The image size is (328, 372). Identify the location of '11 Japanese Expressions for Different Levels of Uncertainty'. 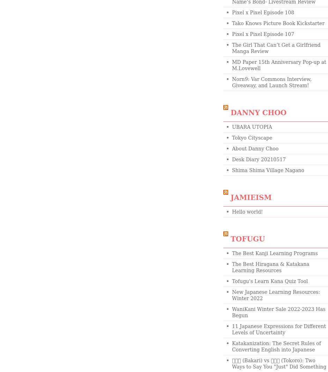
(279, 329).